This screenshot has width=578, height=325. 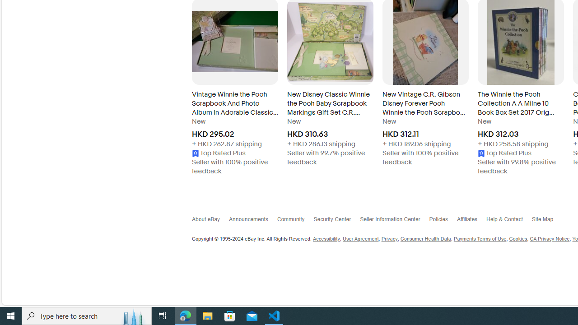 What do you see at coordinates (425, 238) in the screenshot?
I see `'Consumer Health Data'` at bounding box center [425, 238].